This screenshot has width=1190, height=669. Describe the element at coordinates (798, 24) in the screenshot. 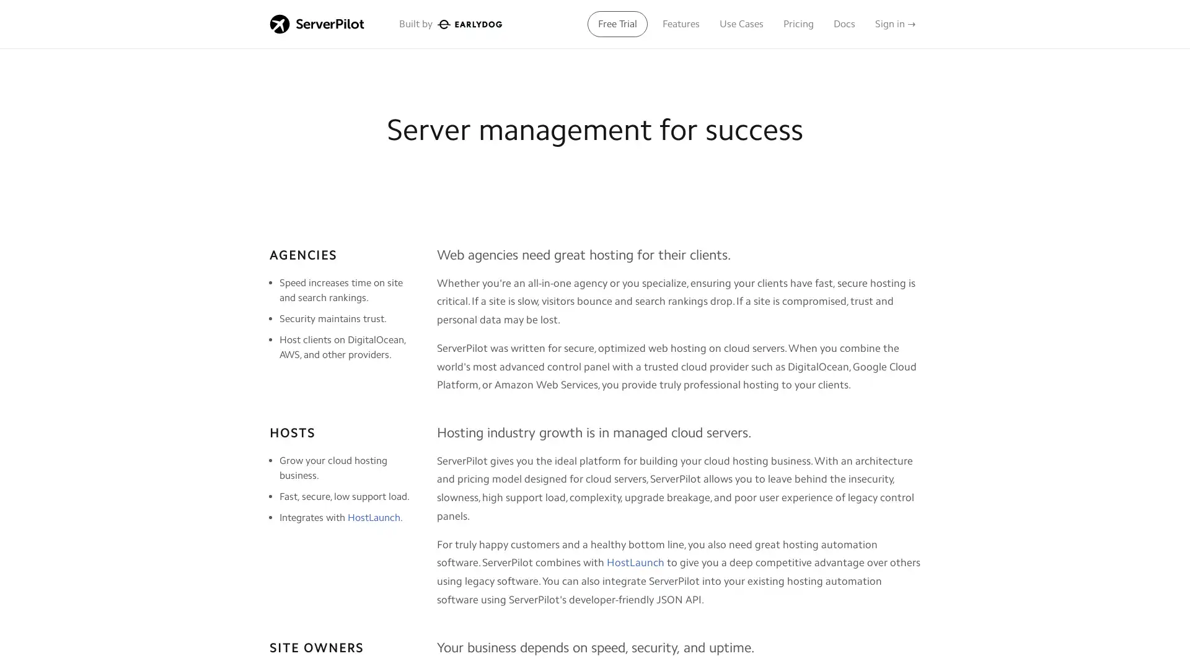

I see `Pricing` at that location.